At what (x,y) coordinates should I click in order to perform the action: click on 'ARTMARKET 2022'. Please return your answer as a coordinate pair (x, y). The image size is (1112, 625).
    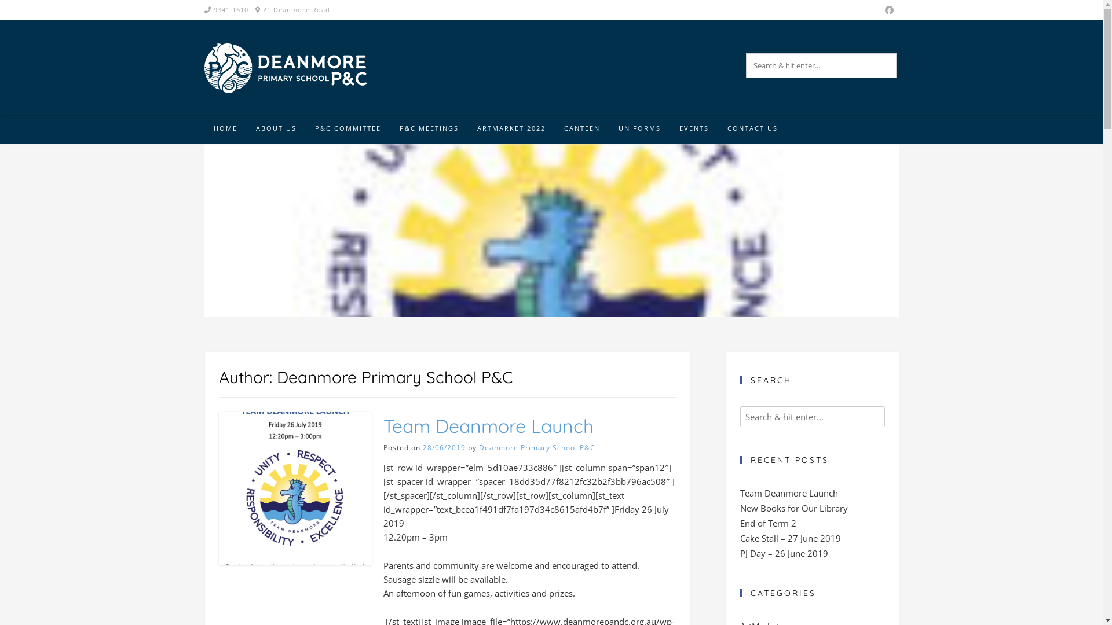
    Looking at the image, I should click on (511, 129).